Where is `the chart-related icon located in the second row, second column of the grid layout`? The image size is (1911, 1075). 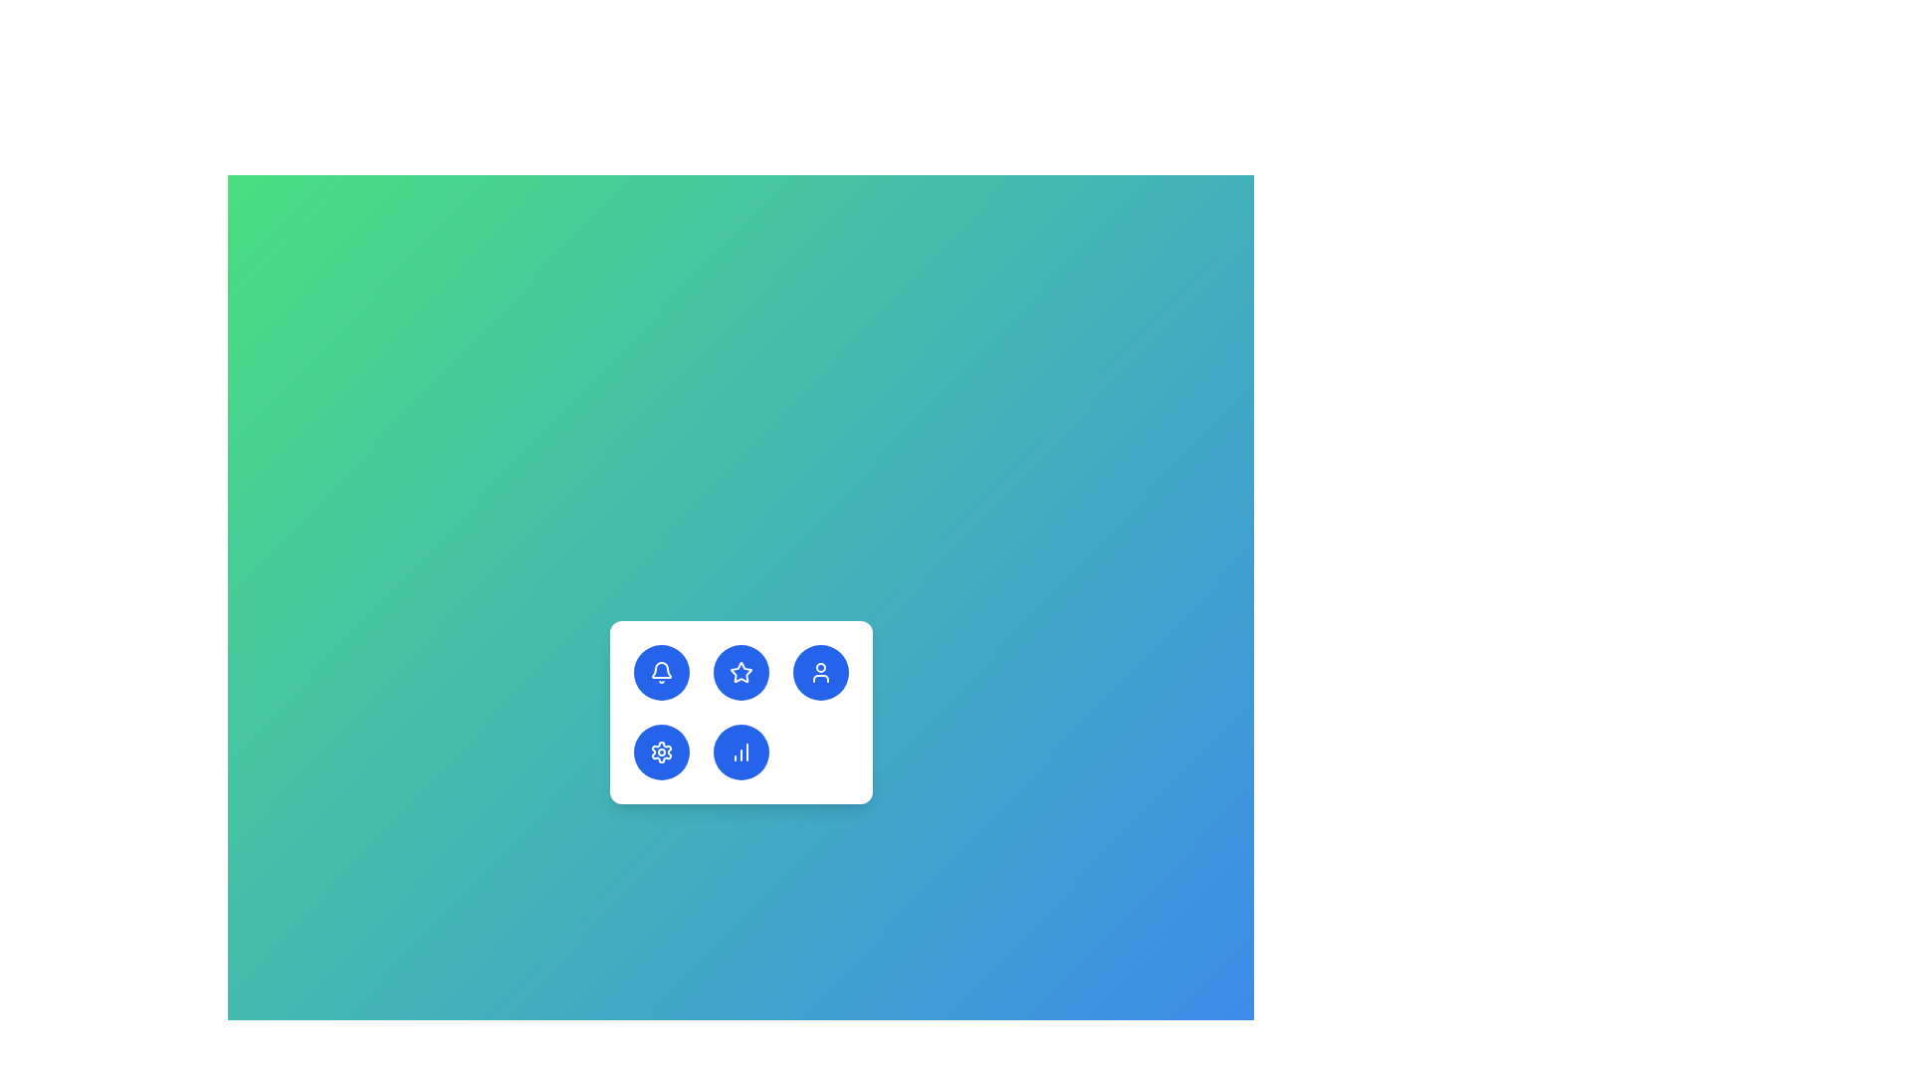 the chart-related icon located in the second row, second column of the grid layout is located at coordinates (740, 752).